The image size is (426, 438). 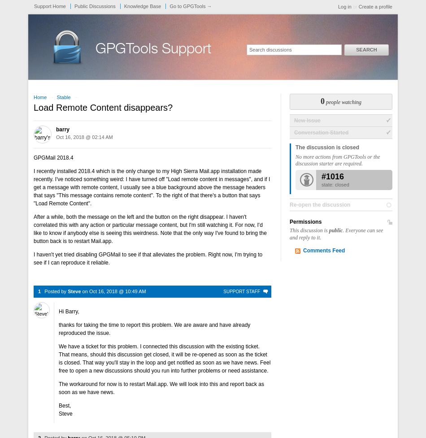 What do you see at coordinates (69, 311) in the screenshot?
I see `'Hi Barry,'` at bounding box center [69, 311].